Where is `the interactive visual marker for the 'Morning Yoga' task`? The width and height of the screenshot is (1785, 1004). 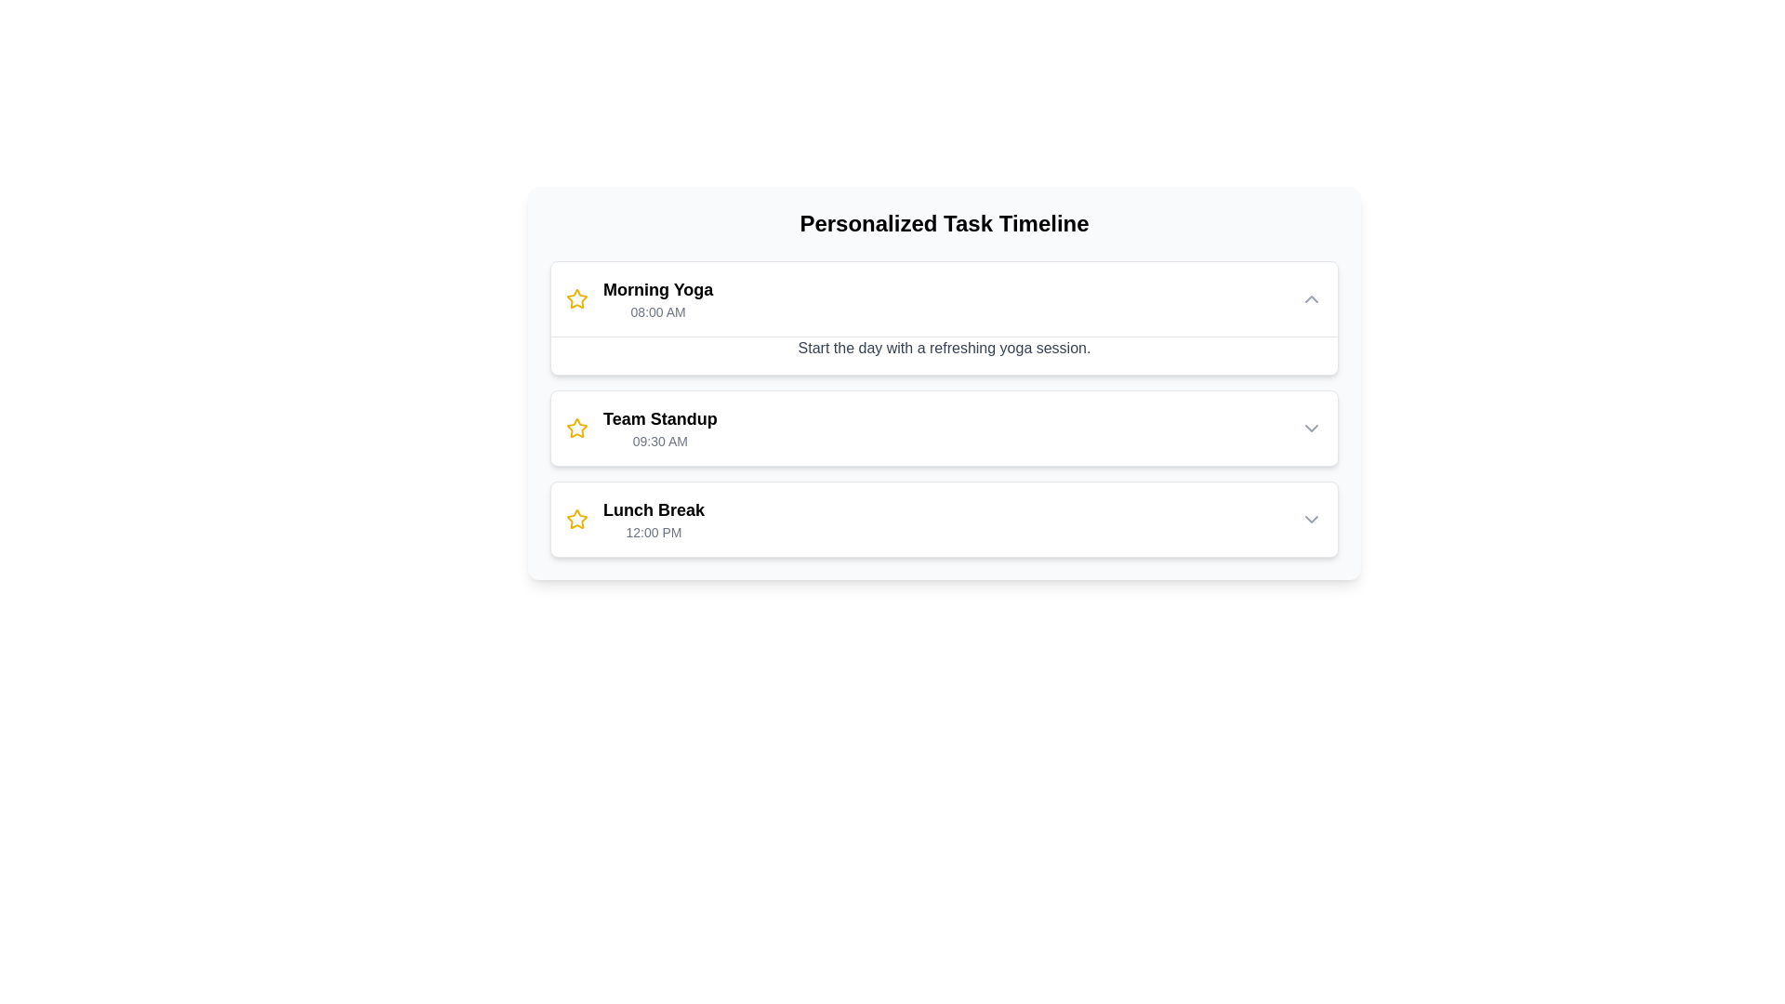 the interactive visual marker for the 'Morning Yoga' task is located at coordinates (575, 519).